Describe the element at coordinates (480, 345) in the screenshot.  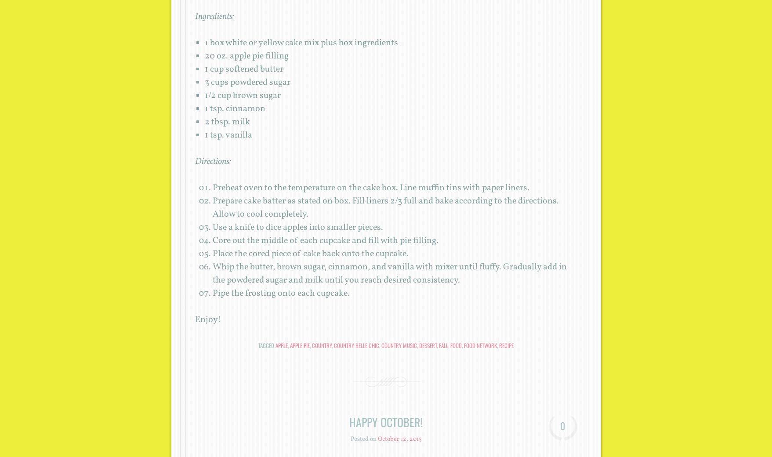
I see `'Food Network'` at that location.